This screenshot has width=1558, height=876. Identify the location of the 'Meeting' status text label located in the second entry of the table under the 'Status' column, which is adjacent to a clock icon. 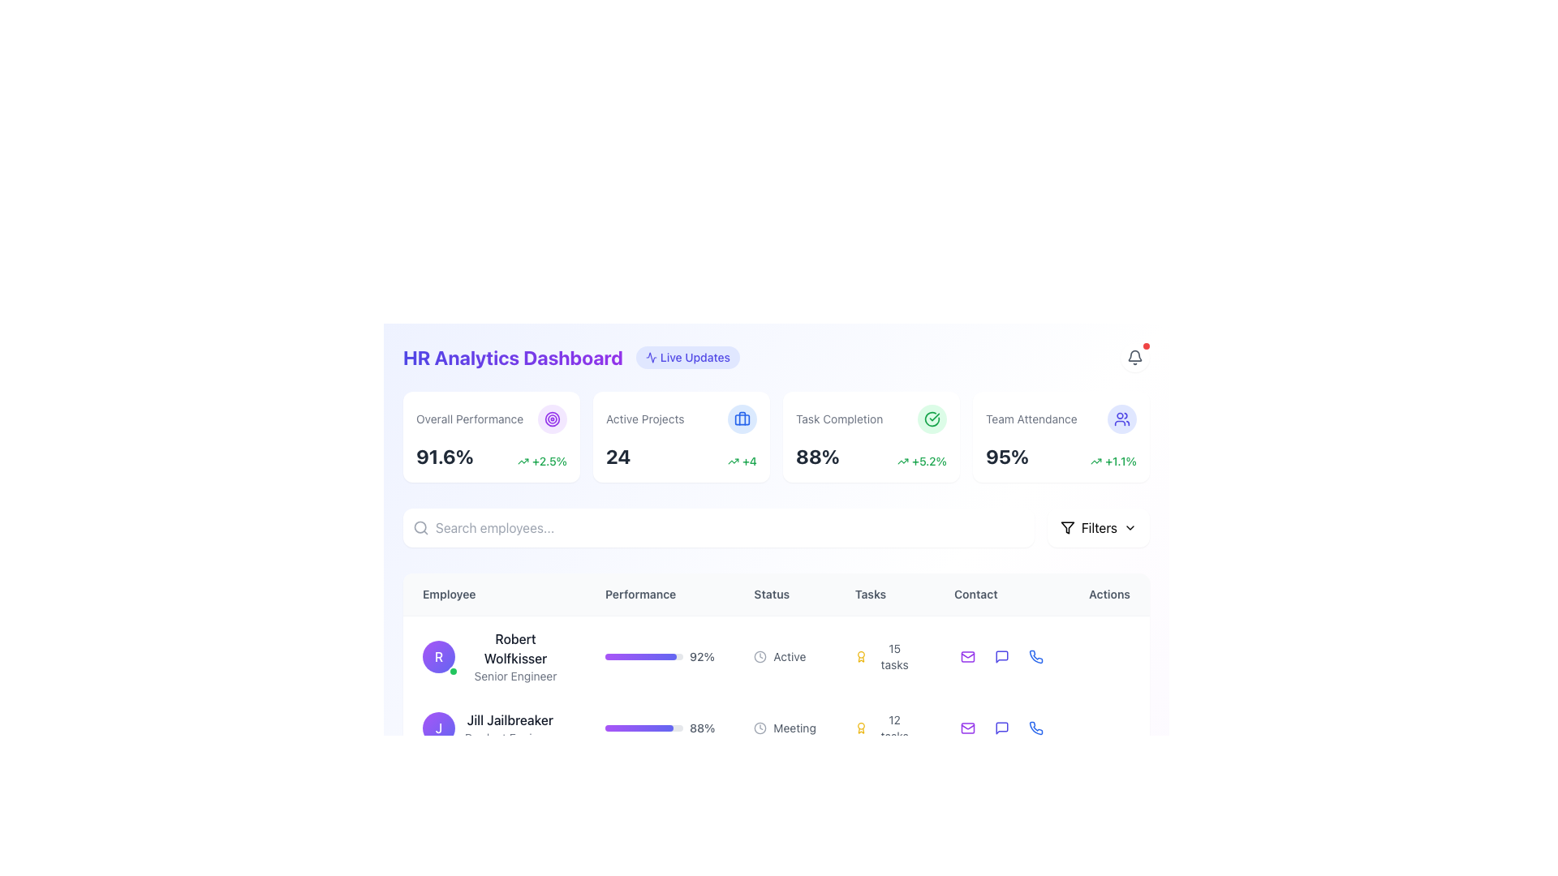
(794, 728).